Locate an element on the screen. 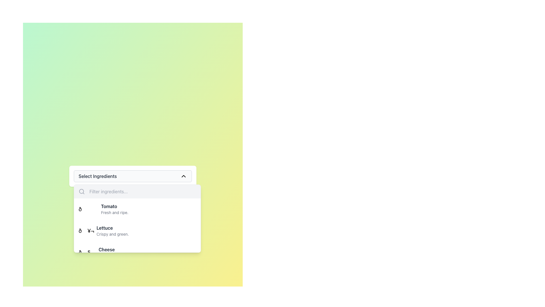  the search icon that visually indicates the search functionality, located inside a gray background bar, preceding the input field with placeholder text 'Filter ingredients...' is located at coordinates (81, 192).